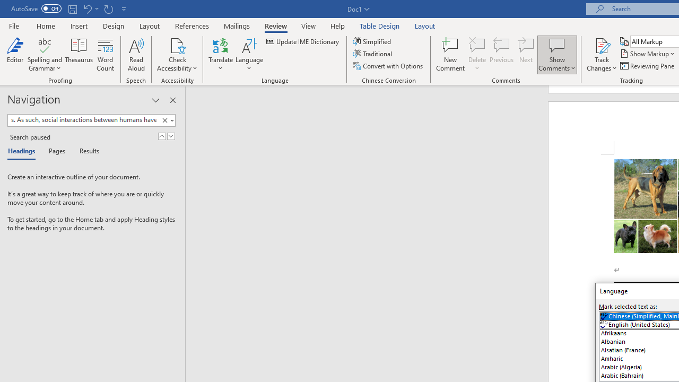 The width and height of the screenshot is (679, 382). What do you see at coordinates (526, 55) in the screenshot?
I see `'Next'` at bounding box center [526, 55].